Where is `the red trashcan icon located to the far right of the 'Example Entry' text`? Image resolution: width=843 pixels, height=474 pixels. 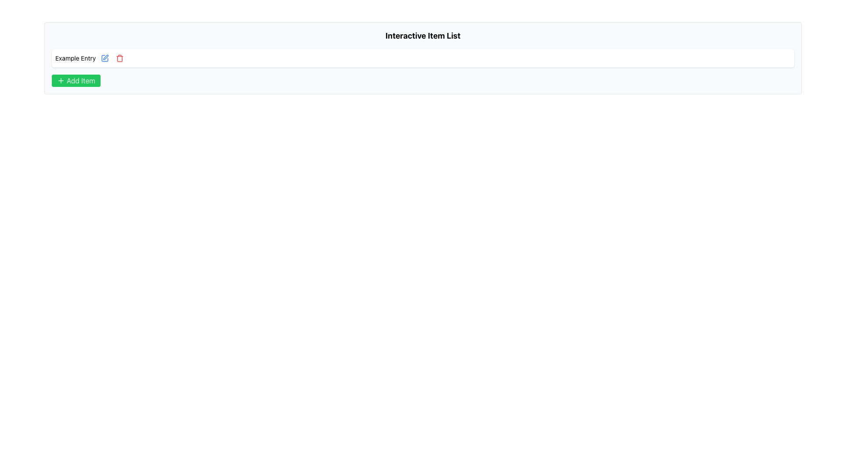
the red trashcan icon located to the far right of the 'Example Entry' text is located at coordinates (119, 58).